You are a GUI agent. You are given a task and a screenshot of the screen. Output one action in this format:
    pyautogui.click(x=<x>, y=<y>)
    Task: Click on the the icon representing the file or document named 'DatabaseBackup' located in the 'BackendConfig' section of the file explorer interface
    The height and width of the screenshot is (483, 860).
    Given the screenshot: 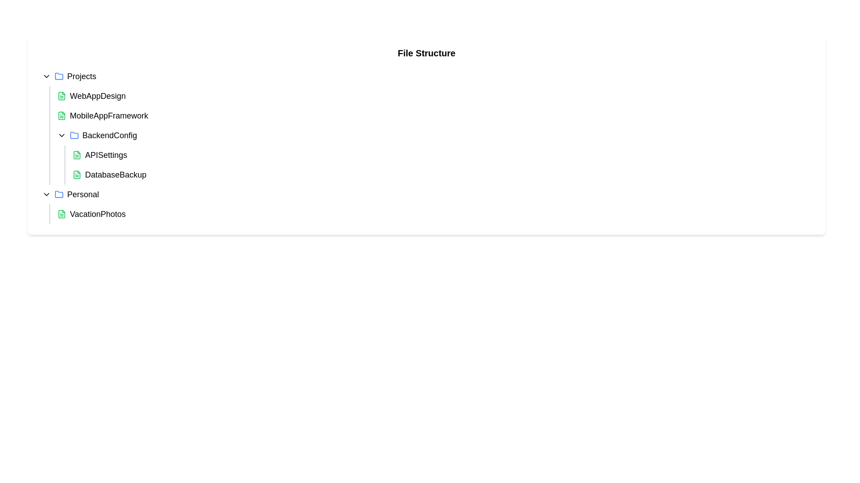 What is the action you would take?
    pyautogui.click(x=77, y=174)
    